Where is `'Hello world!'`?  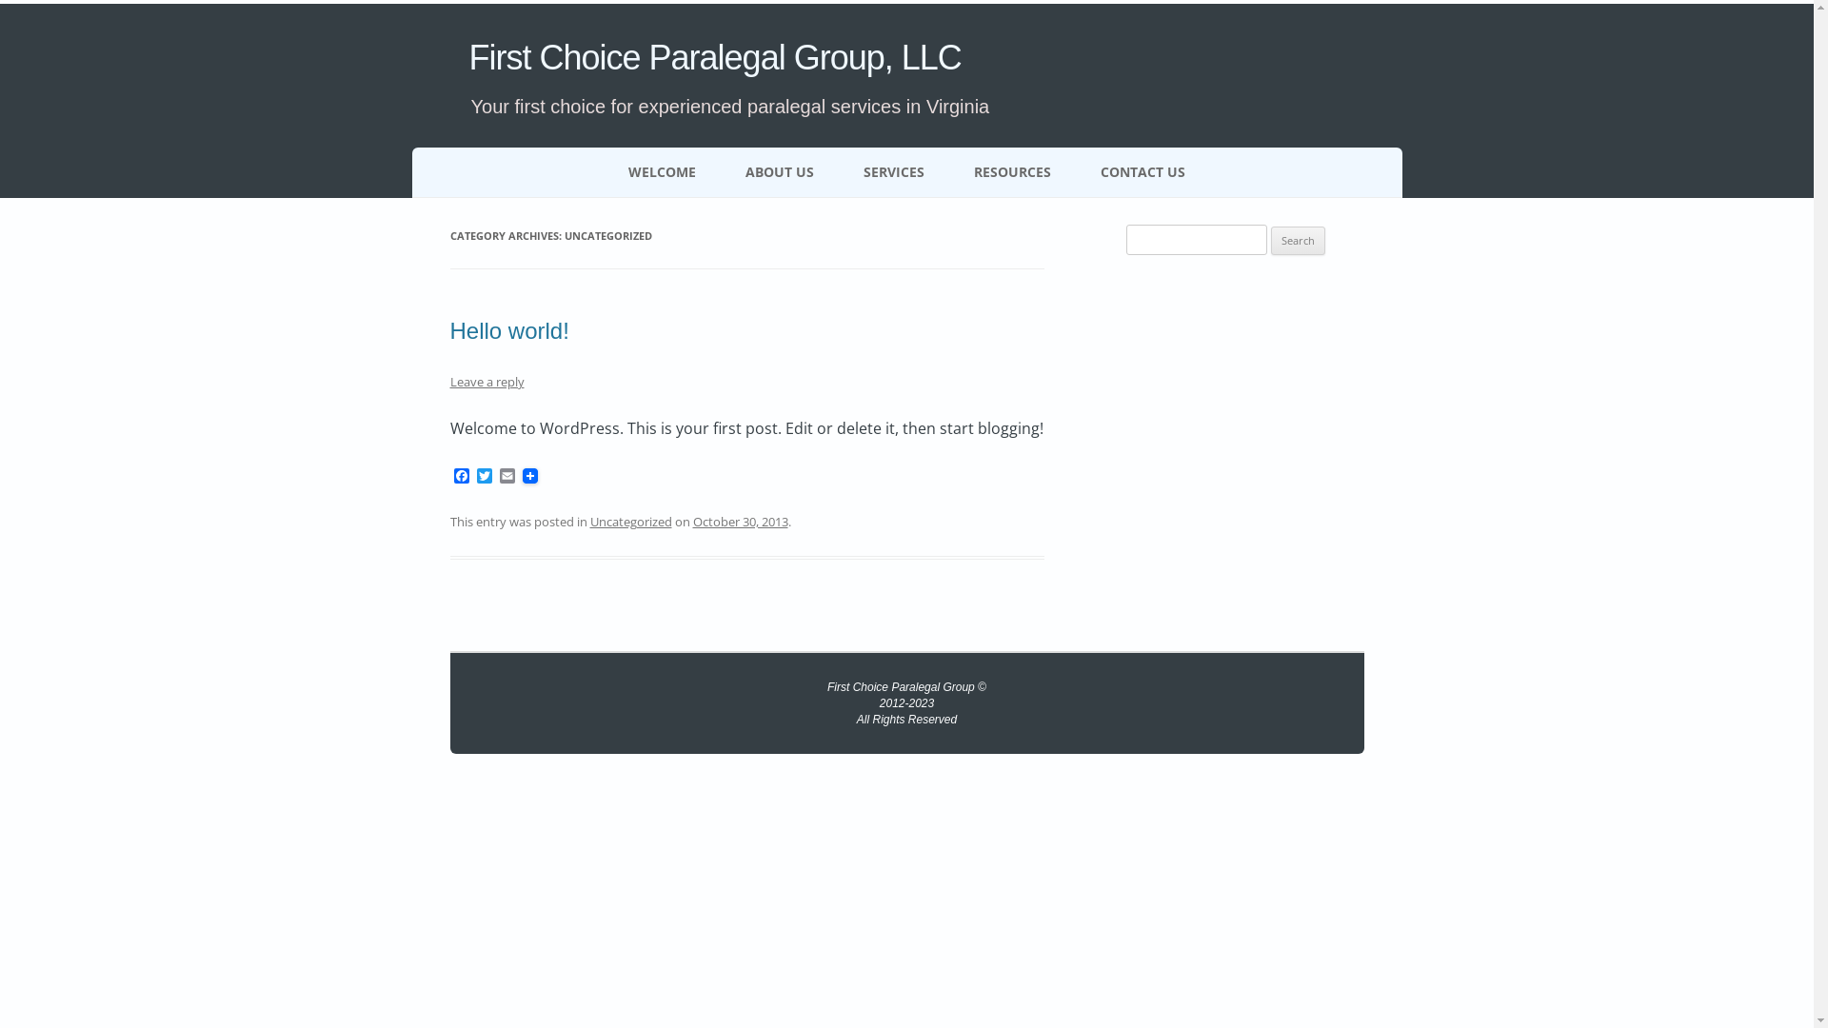 'Hello world!' is located at coordinates (447, 329).